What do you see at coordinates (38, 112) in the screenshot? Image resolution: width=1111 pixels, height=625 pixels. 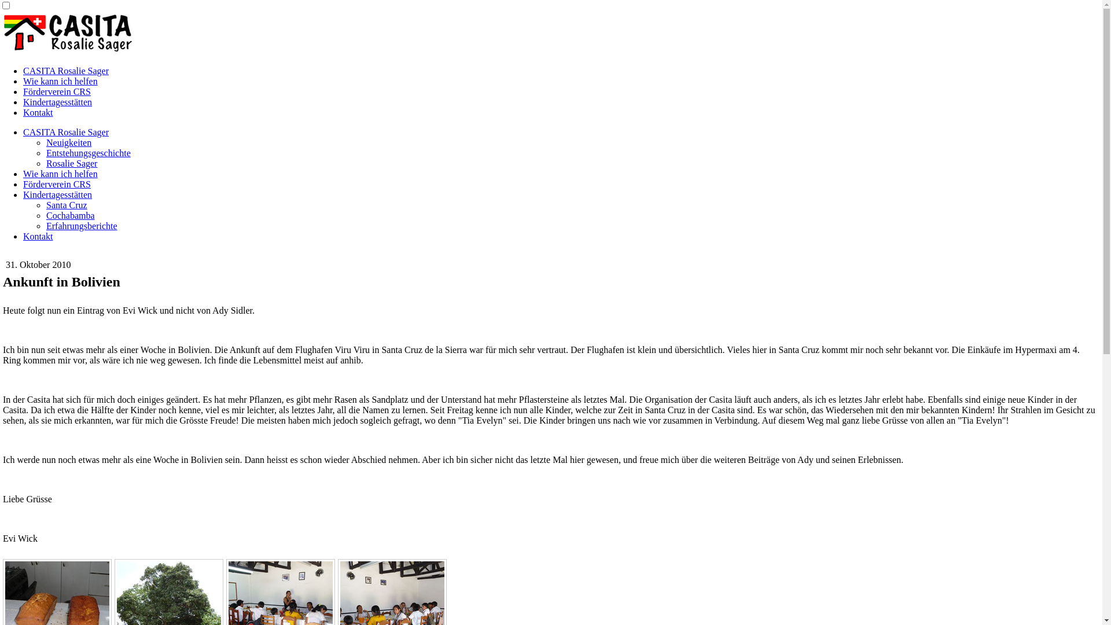 I see `'Kontakt'` at bounding box center [38, 112].